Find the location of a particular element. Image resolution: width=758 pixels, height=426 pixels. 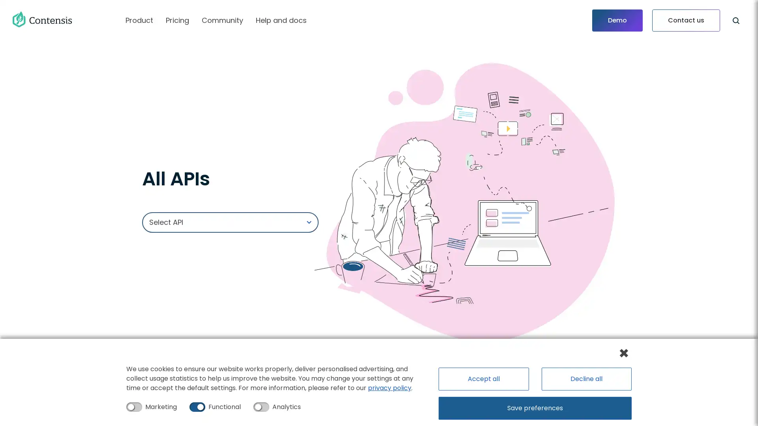

Save preferences is located at coordinates (535, 408).